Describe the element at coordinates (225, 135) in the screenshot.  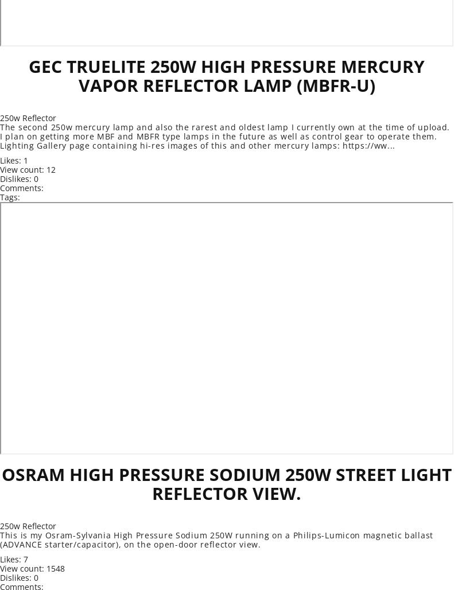
I see `'The second 250w mercury lamp and also the rarest and oldest lamp I currently own at the time of upload. I plan on getting more MBF and MBFR type lamps in the future as well as control gear to operate them.

Lighting Gallery page containing hi-res images of this and other mercury lamps: https://ww...'` at that location.